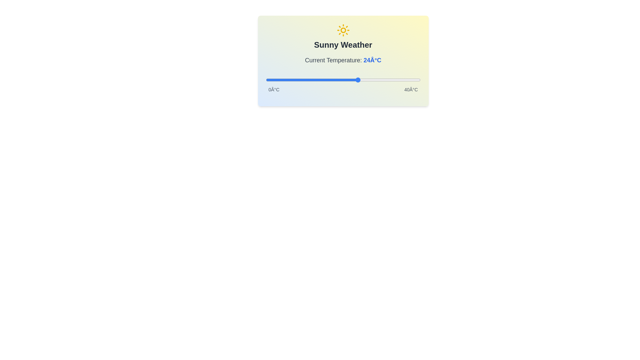  Describe the element at coordinates (343, 60) in the screenshot. I see `the text display that shows 'Current Temperature: 24°C', which is styled with a bold font for the number and located below 'Sunny Weather' and above a horizontal slider` at that location.